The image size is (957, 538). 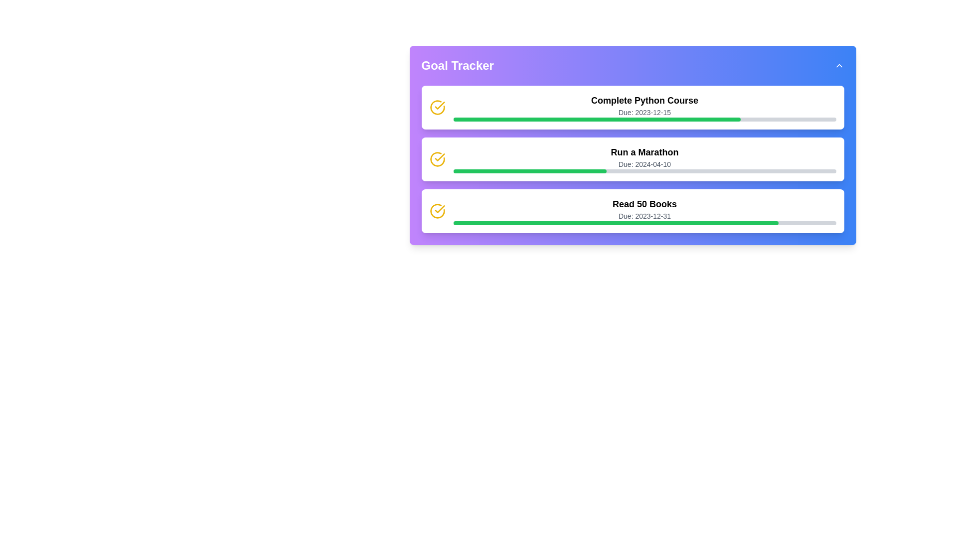 I want to click on the text label that serves as the title of the goal 'Complete Python Course' in the Goal Tracker interface, so click(x=644, y=100).